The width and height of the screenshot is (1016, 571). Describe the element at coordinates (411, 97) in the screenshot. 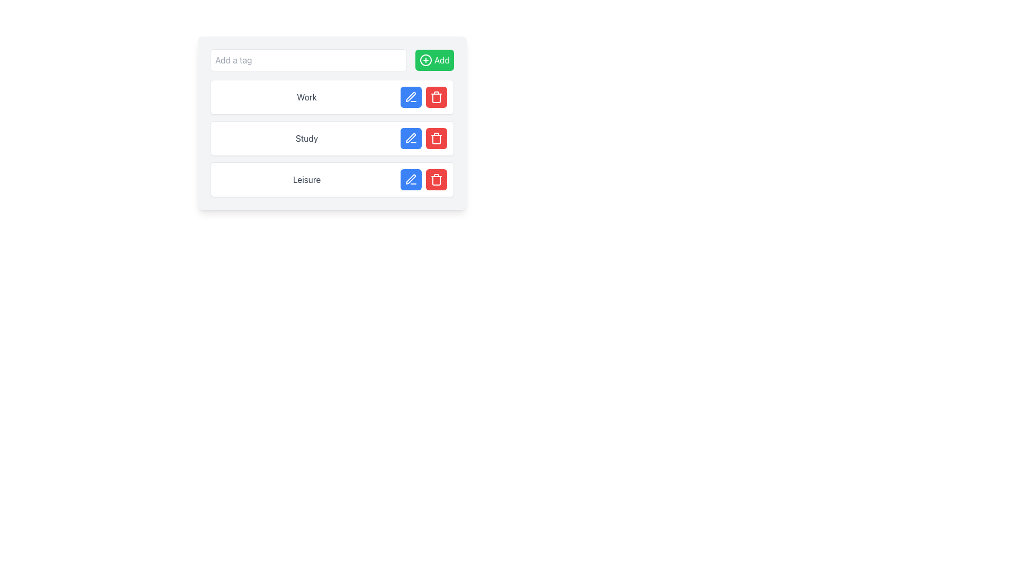

I see `the blue pen icon with white outlines located next to the 'Work' text in the second row of the vertical list to interact with the edit function` at that location.